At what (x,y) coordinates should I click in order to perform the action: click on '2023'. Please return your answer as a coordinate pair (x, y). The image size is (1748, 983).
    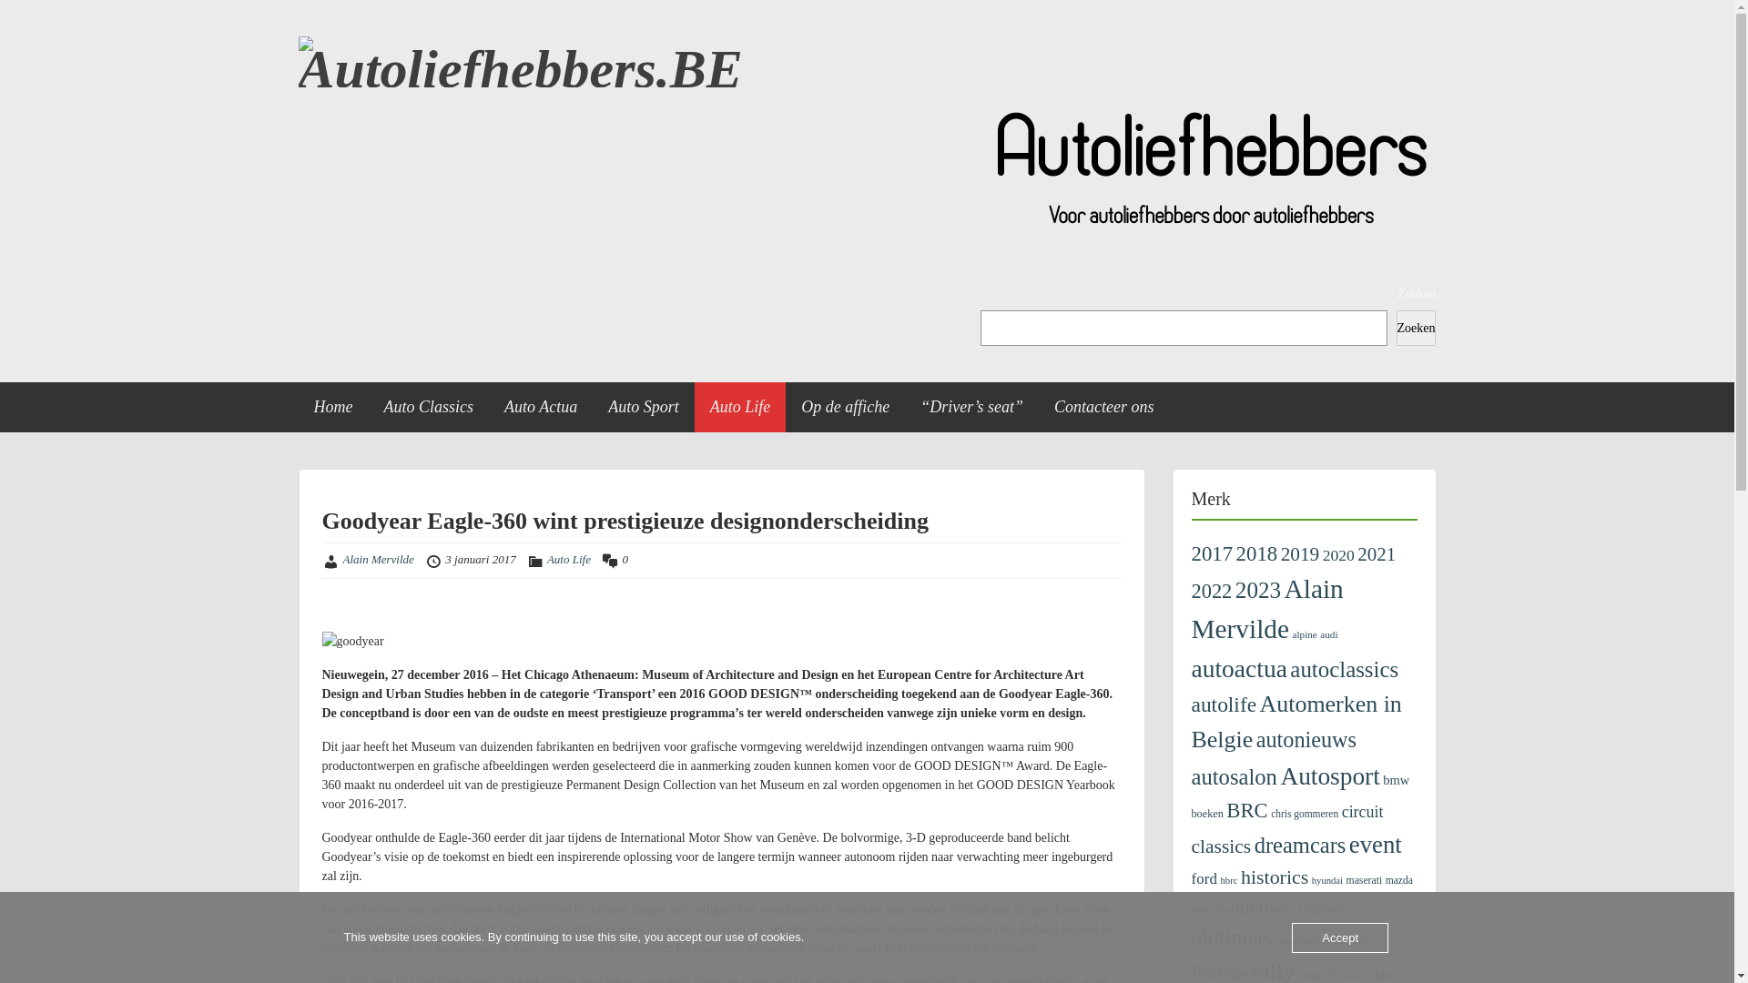
    Looking at the image, I should click on (1235, 590).